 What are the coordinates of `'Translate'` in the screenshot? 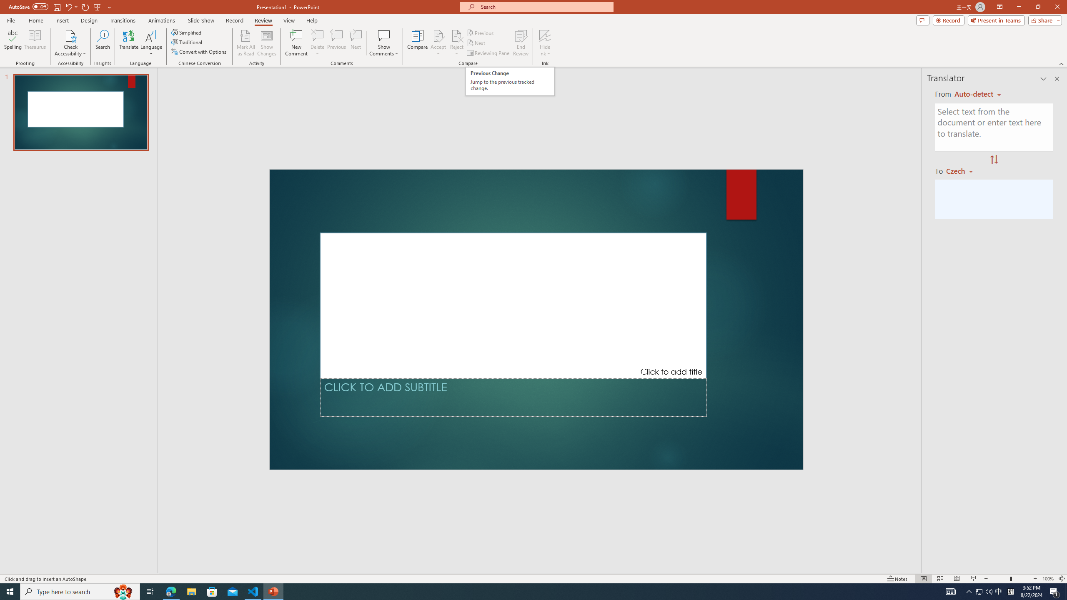 It's located at (129, 43).